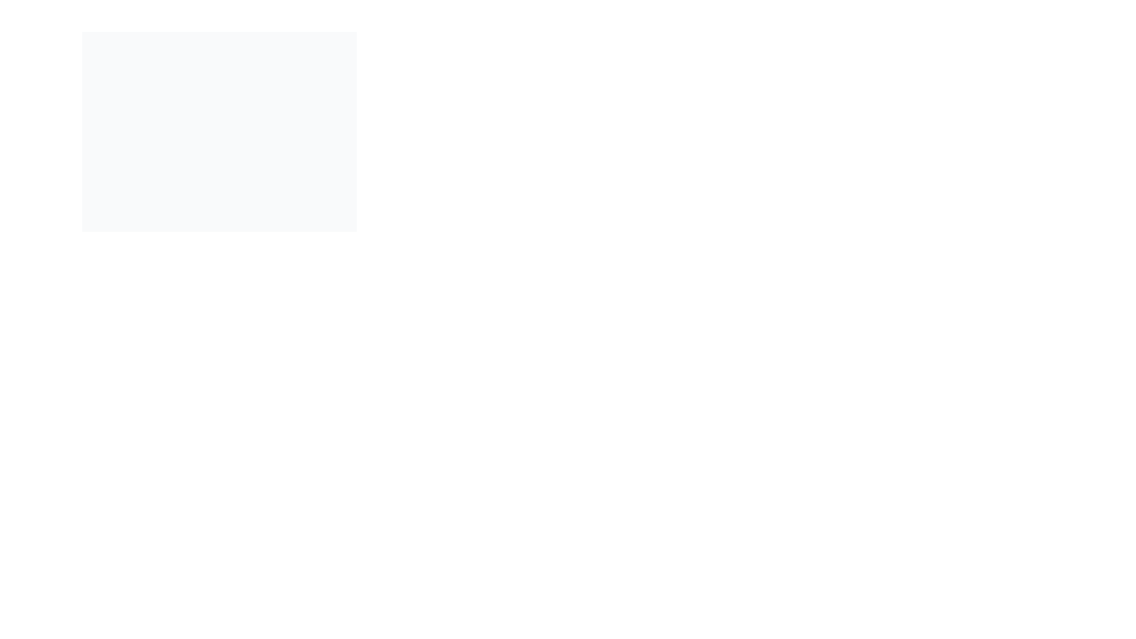 This screenshot has height=639, width=1136. What do you see at coordinates (219, 125) in the screenshot?
I see `the central white modal or popup box related to palette creation, which is a rectangular panel with a drop shadow` at bounding box center [219, 125].